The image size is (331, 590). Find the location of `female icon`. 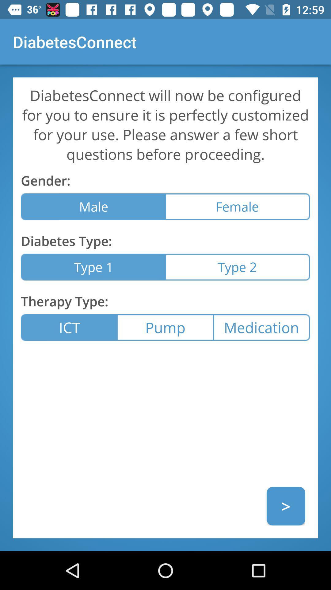

female icon is located at coordinates (237, 206).